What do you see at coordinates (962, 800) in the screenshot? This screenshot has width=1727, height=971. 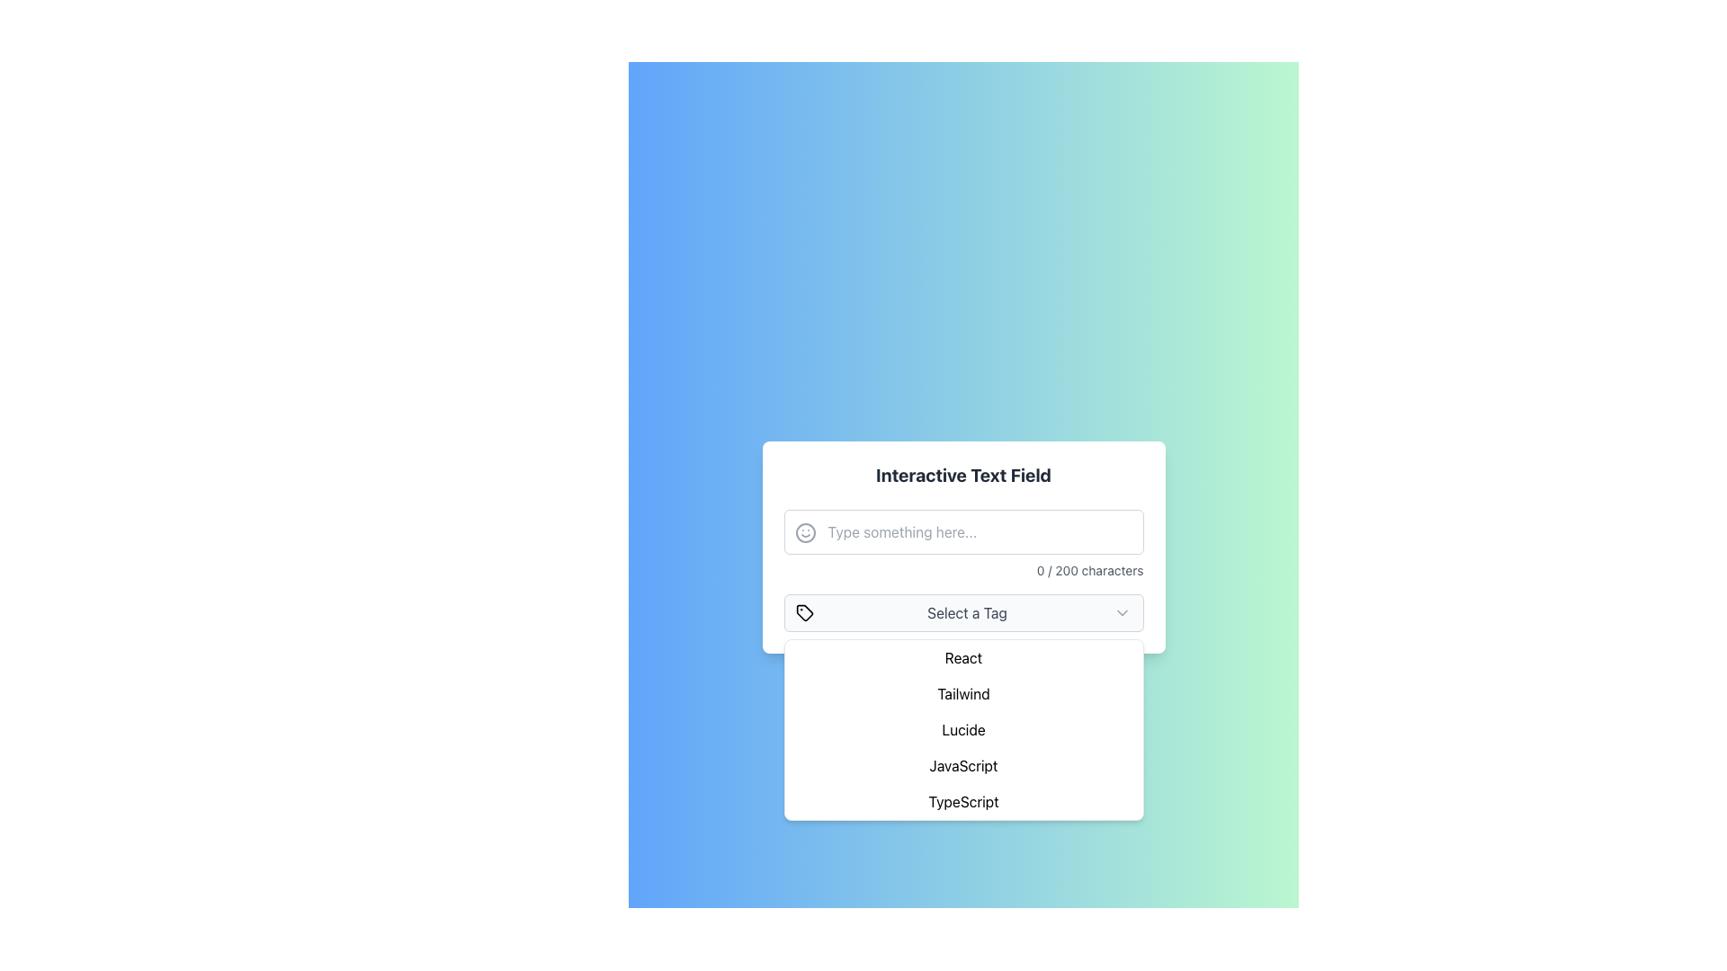 I see `the 'TypeScript' dropdown menu item, which is the fifth item in the dropdown list under the 'Select a Tag' button` at bounding box center [962, 800].